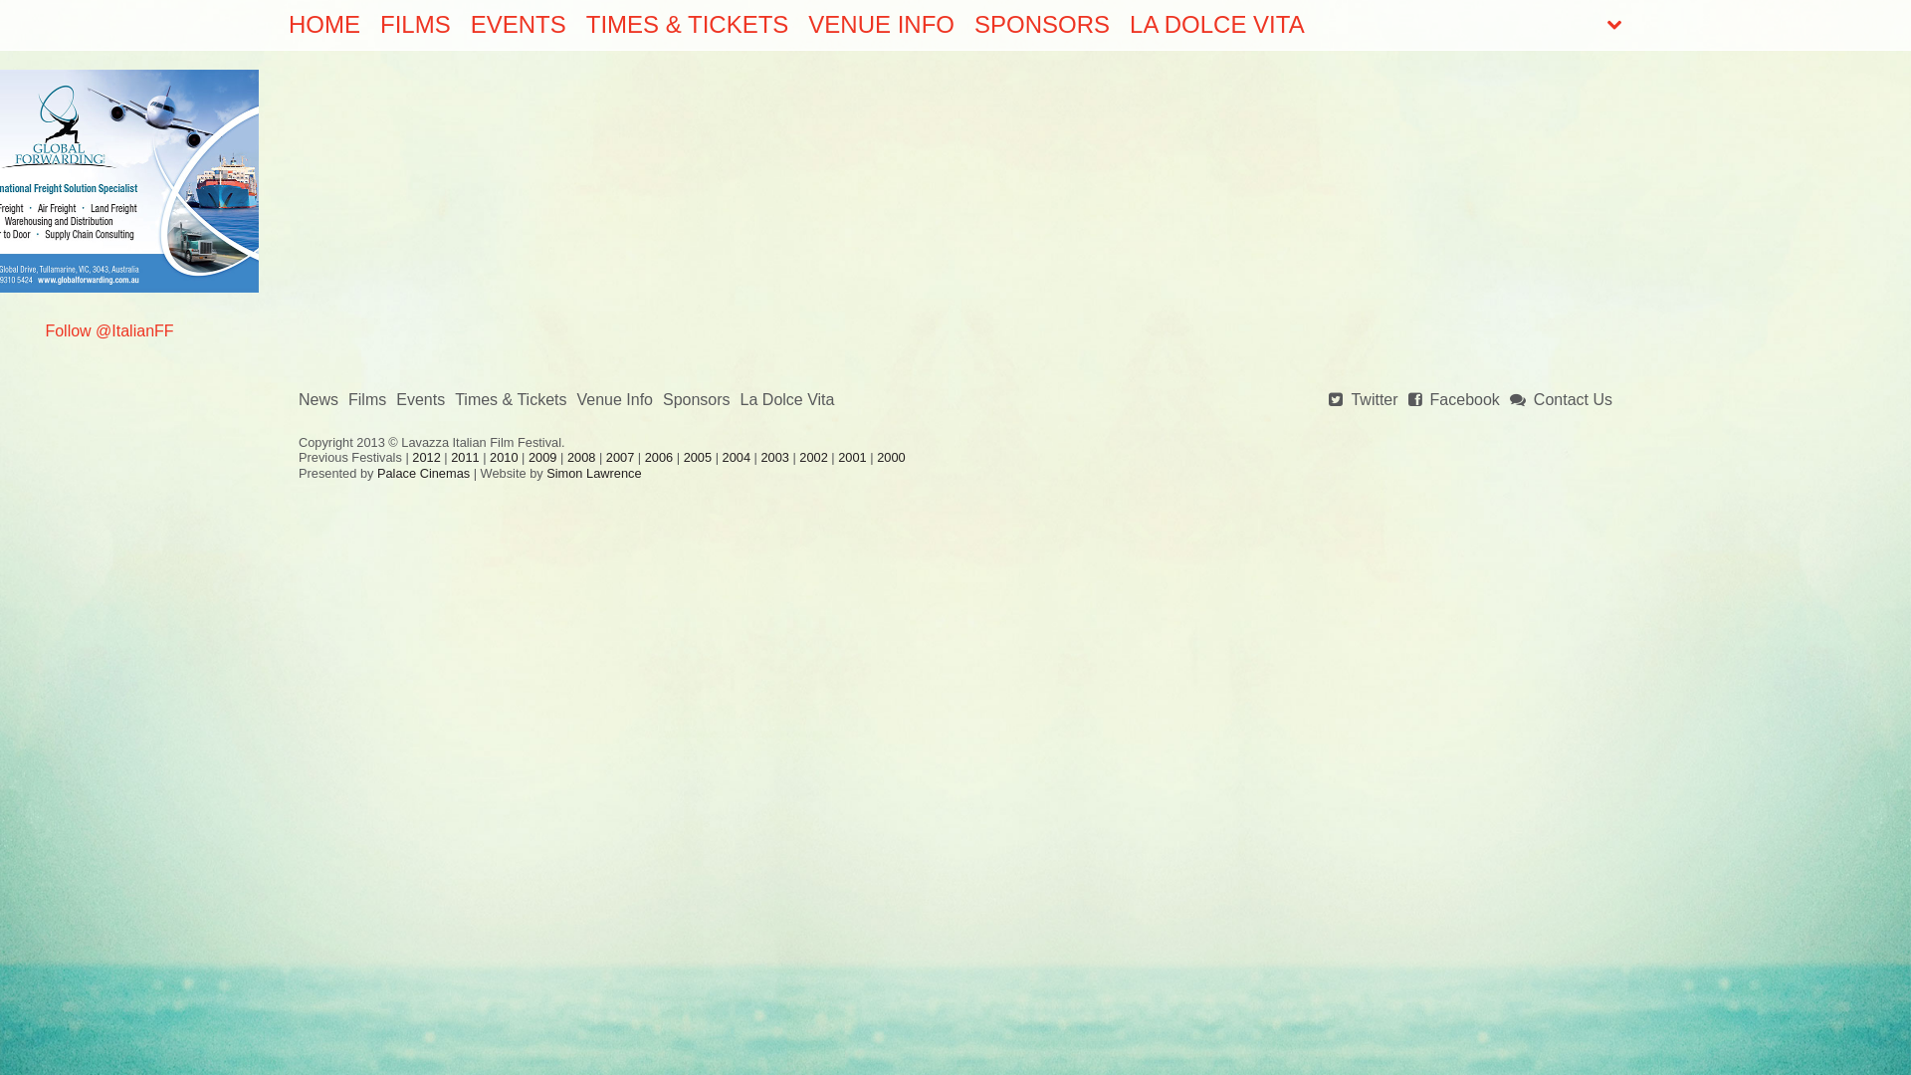 Image resolution: width=1911 pixels, height=1075 pixels. Describe the element at coordinates (876, 457) in the screenshot. I see `'2000'` at that location.